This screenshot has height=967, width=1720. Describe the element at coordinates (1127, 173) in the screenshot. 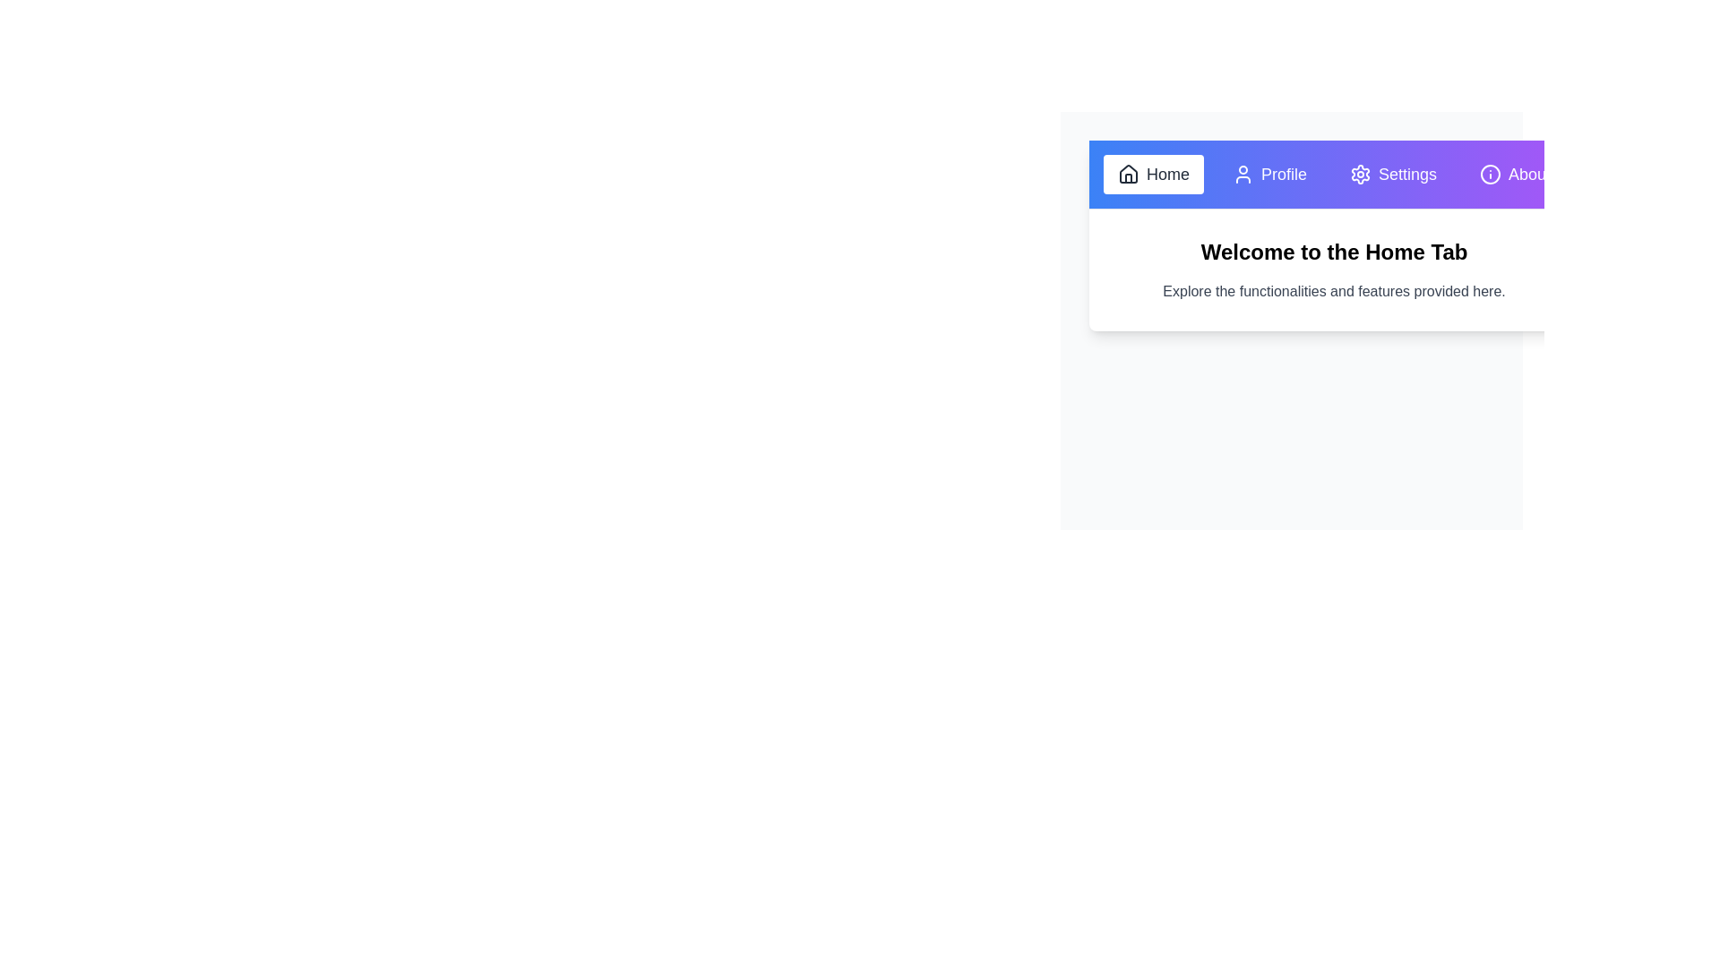

I see `the 'Home' icon in the navigation menu, which visually represents the home tab function and serves as an entry point to the main dashboard` at that location.